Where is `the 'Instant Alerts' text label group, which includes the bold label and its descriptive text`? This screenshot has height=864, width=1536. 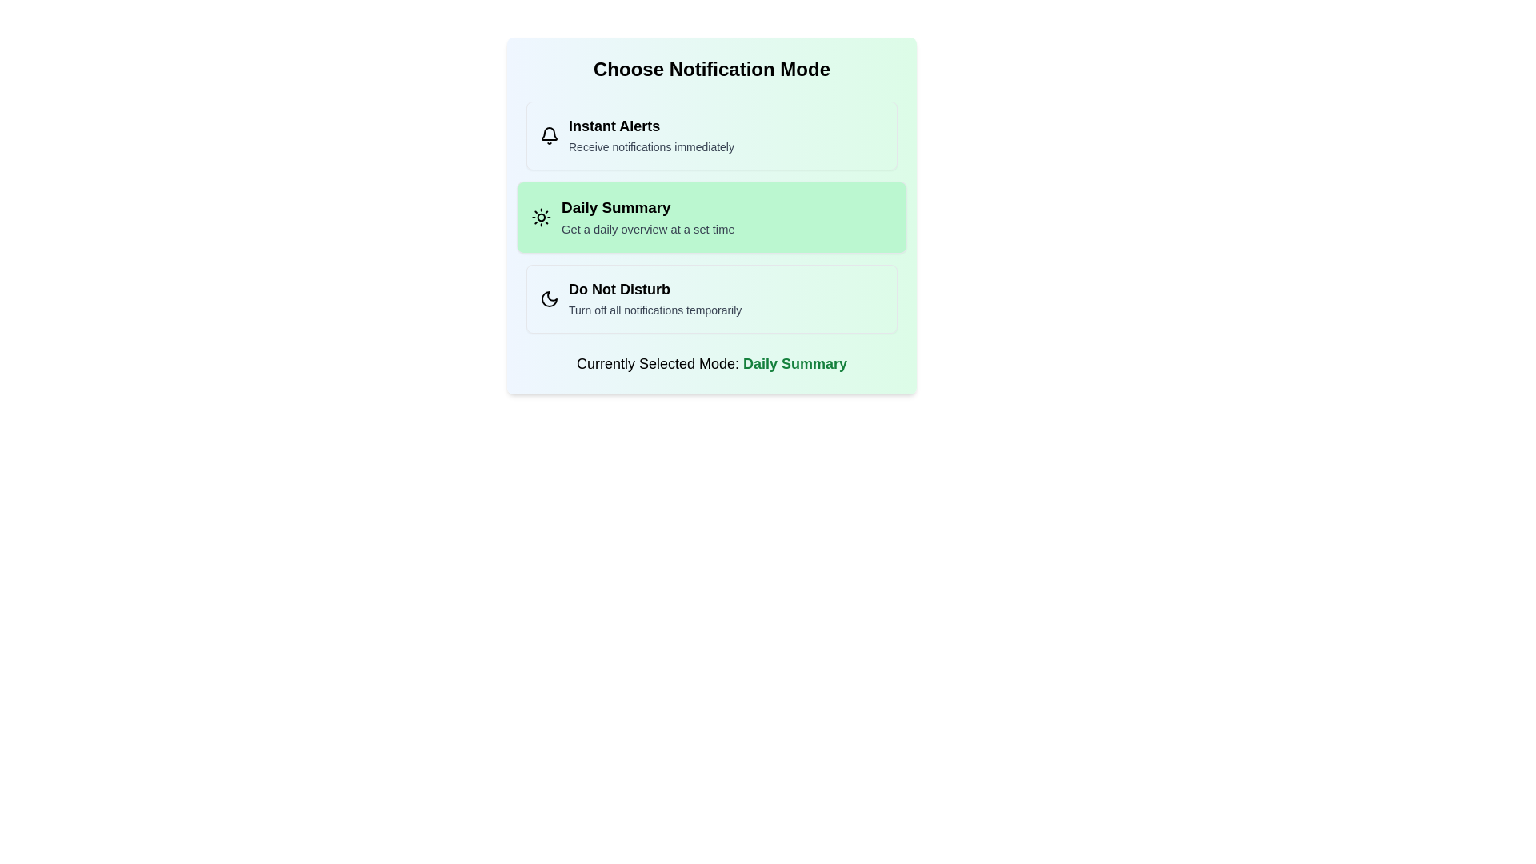 the 'Instant Alerts' text label group, which includes the bold label and its descriptive text is located at coordinates (651, 134).